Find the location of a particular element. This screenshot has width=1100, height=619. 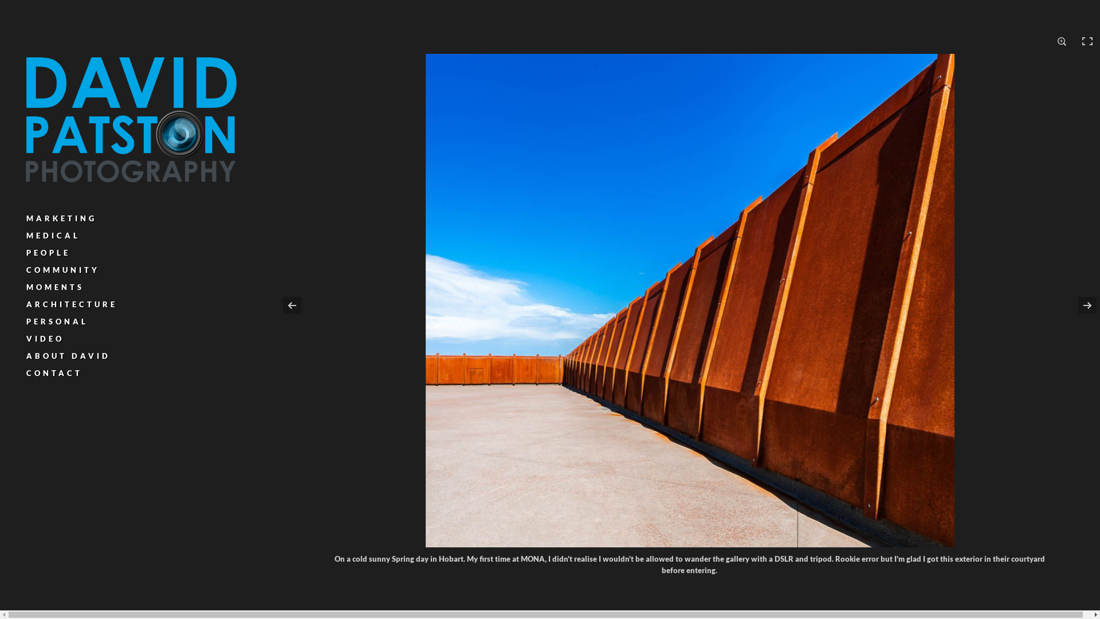

'Previous (arrow left)' is located at coordinates (280, 304).